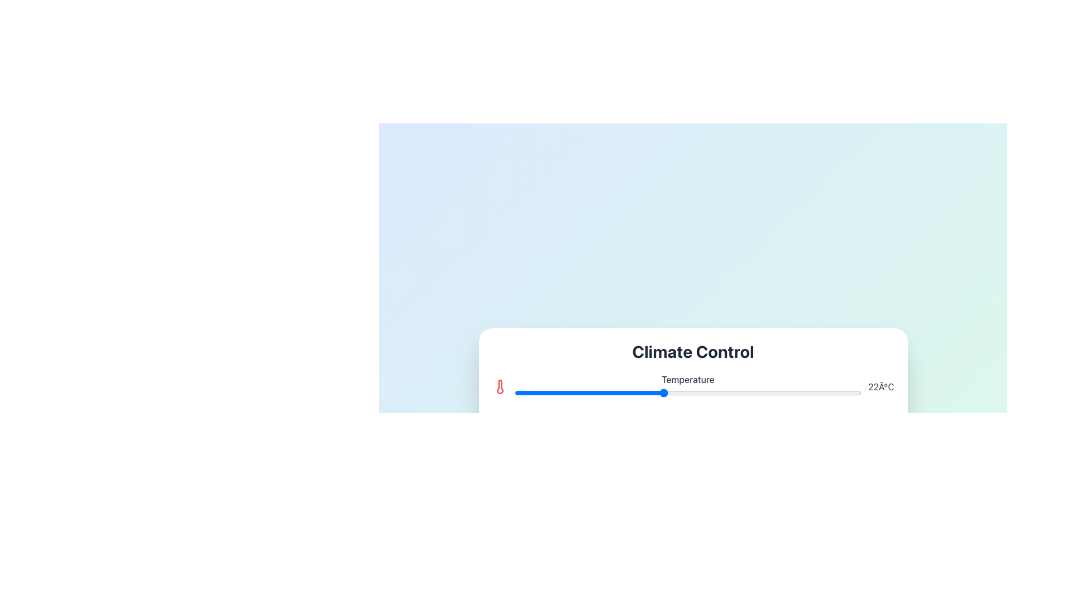 The height and width of the screenshot is (603, 1072). I want to click on temperature, so click(687, 393).